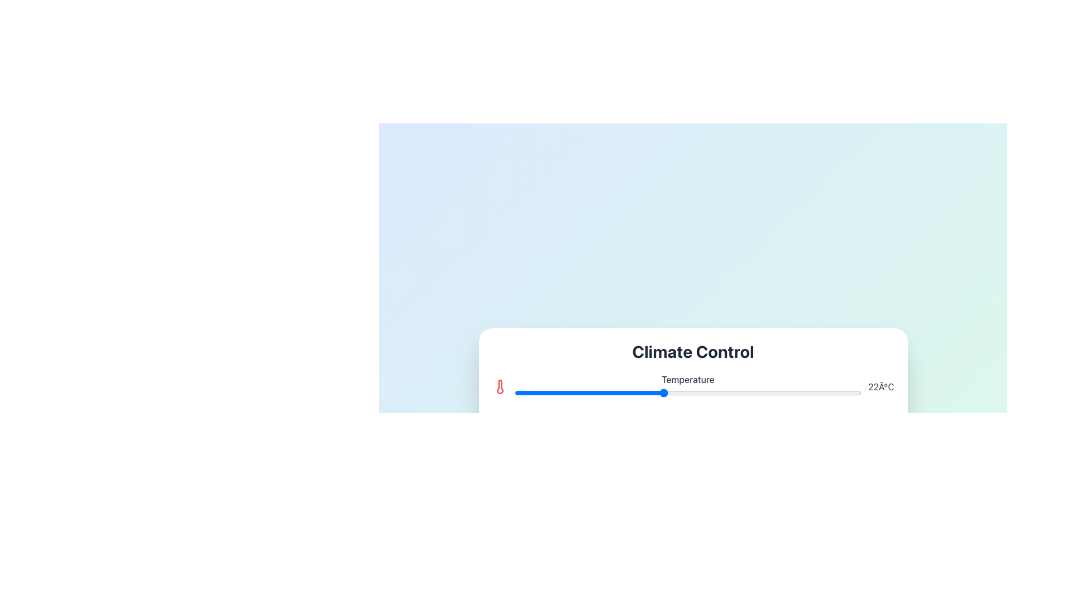 The height and width of the screenshot is (603, 1072). I want to click on temperature, so click(687, 393).